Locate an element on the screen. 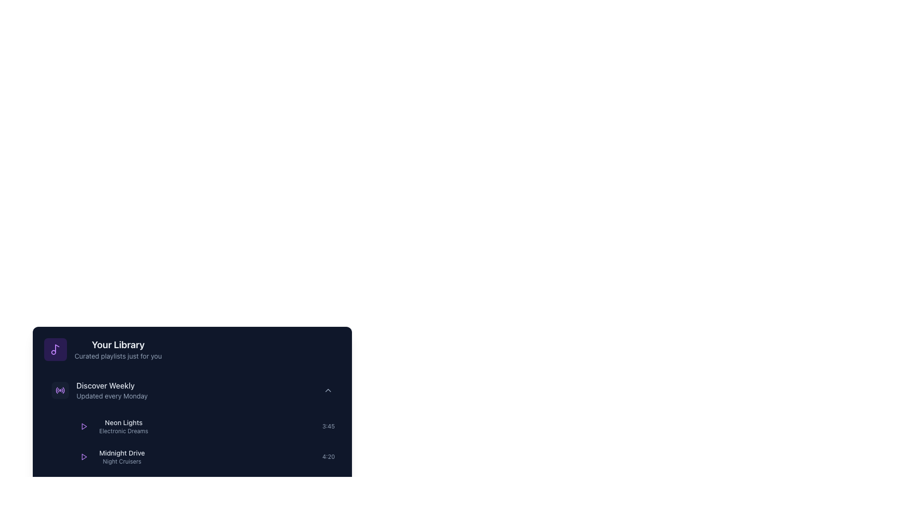 The height and width of the screenshot is (513, 912). the toggle or collapse indicator icon located in the 'Discover Weekly' section, adjacent to the 'Discover Weekly' text is located at coordinates (328, 390).